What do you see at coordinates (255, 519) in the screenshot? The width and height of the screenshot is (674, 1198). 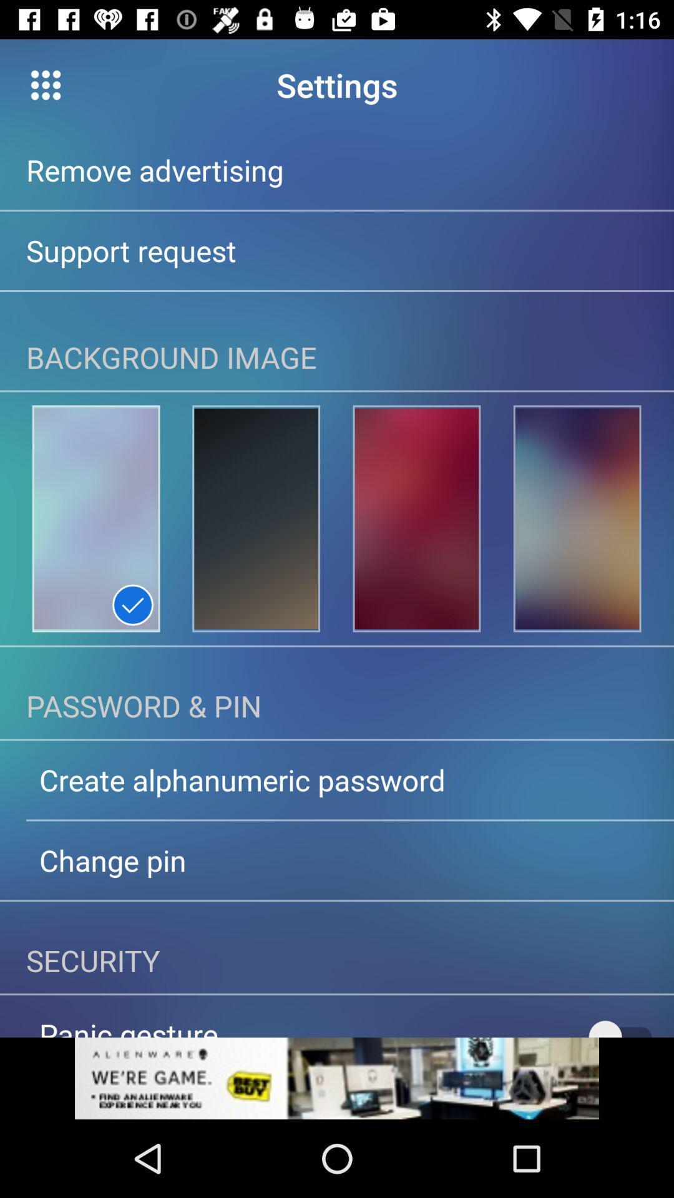 I see `go do couler` at bounding box center [255, 519].